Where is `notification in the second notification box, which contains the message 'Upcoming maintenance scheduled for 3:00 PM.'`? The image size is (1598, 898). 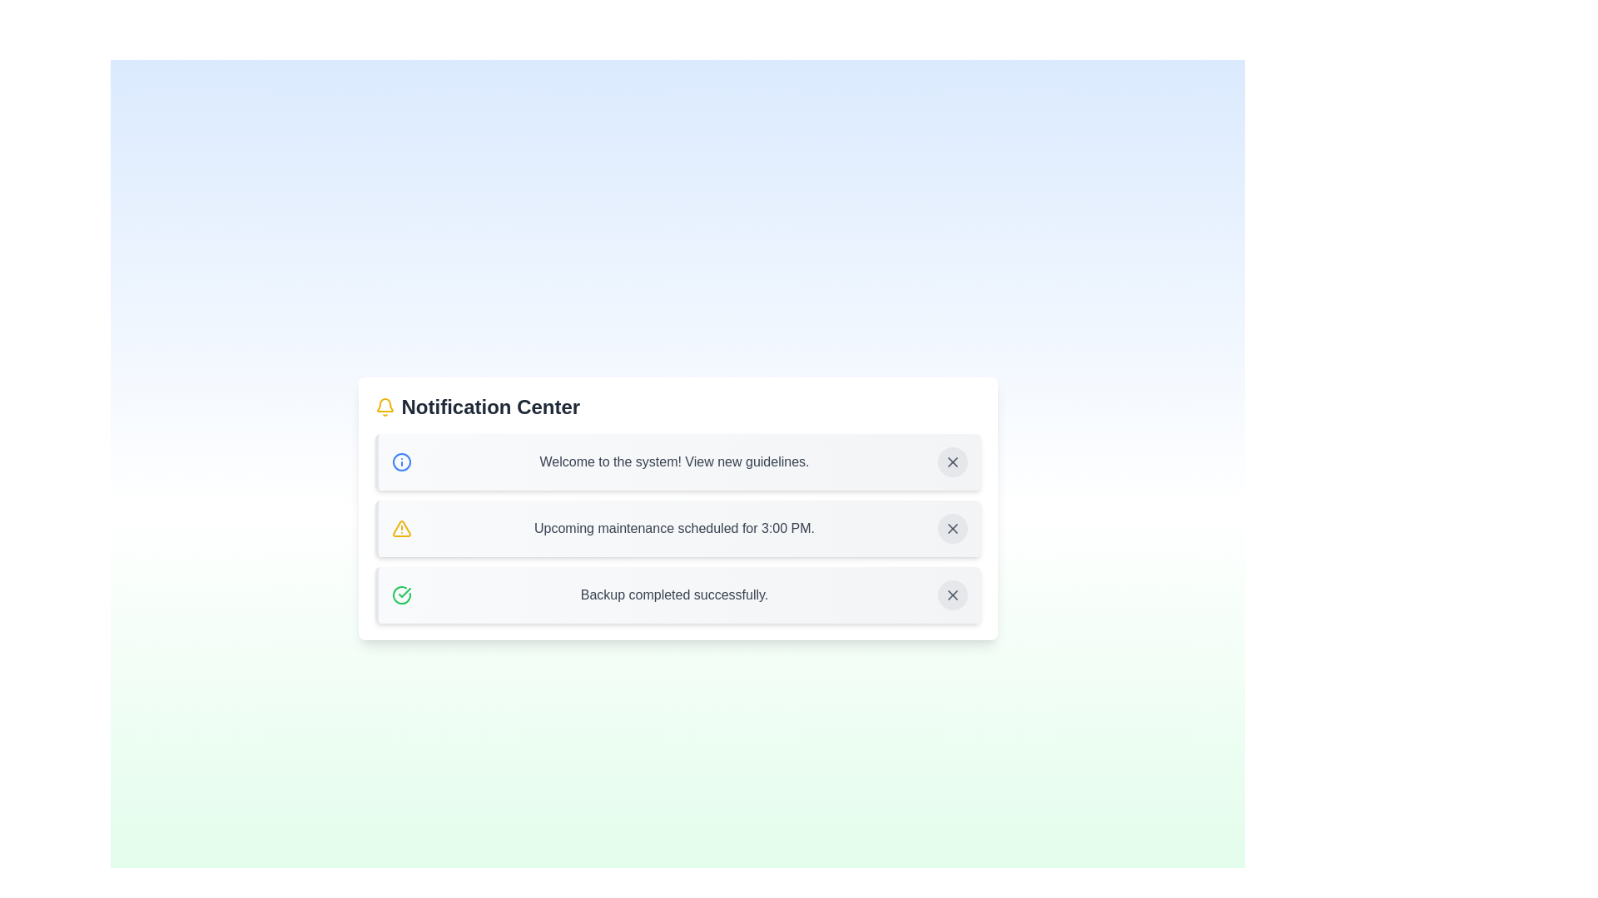 notification in the second notification box, which contains the message 'Upcoming maintenance scheduled for 3:00 PM.' is located at coordinates (677, 529).